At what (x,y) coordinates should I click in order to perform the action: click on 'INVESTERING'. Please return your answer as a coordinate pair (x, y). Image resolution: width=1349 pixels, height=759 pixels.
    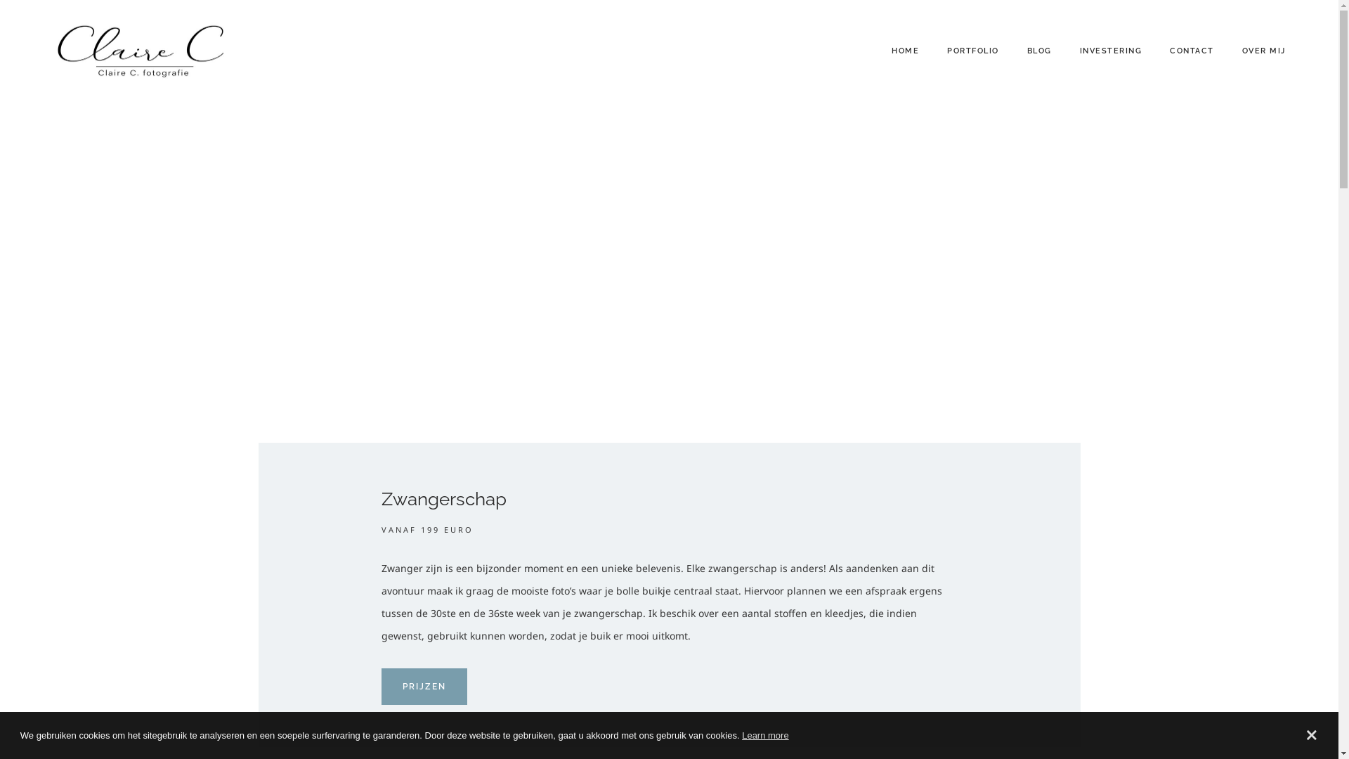
    Looking at the image, I should click on (1110, 51).